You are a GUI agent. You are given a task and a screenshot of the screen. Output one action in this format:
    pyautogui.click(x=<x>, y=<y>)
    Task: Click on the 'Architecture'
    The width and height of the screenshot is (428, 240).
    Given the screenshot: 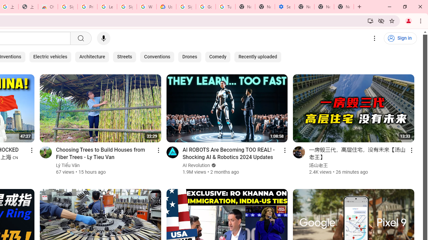 What is the action you would take?
    pyautogui.click(x=92, y=57)
    